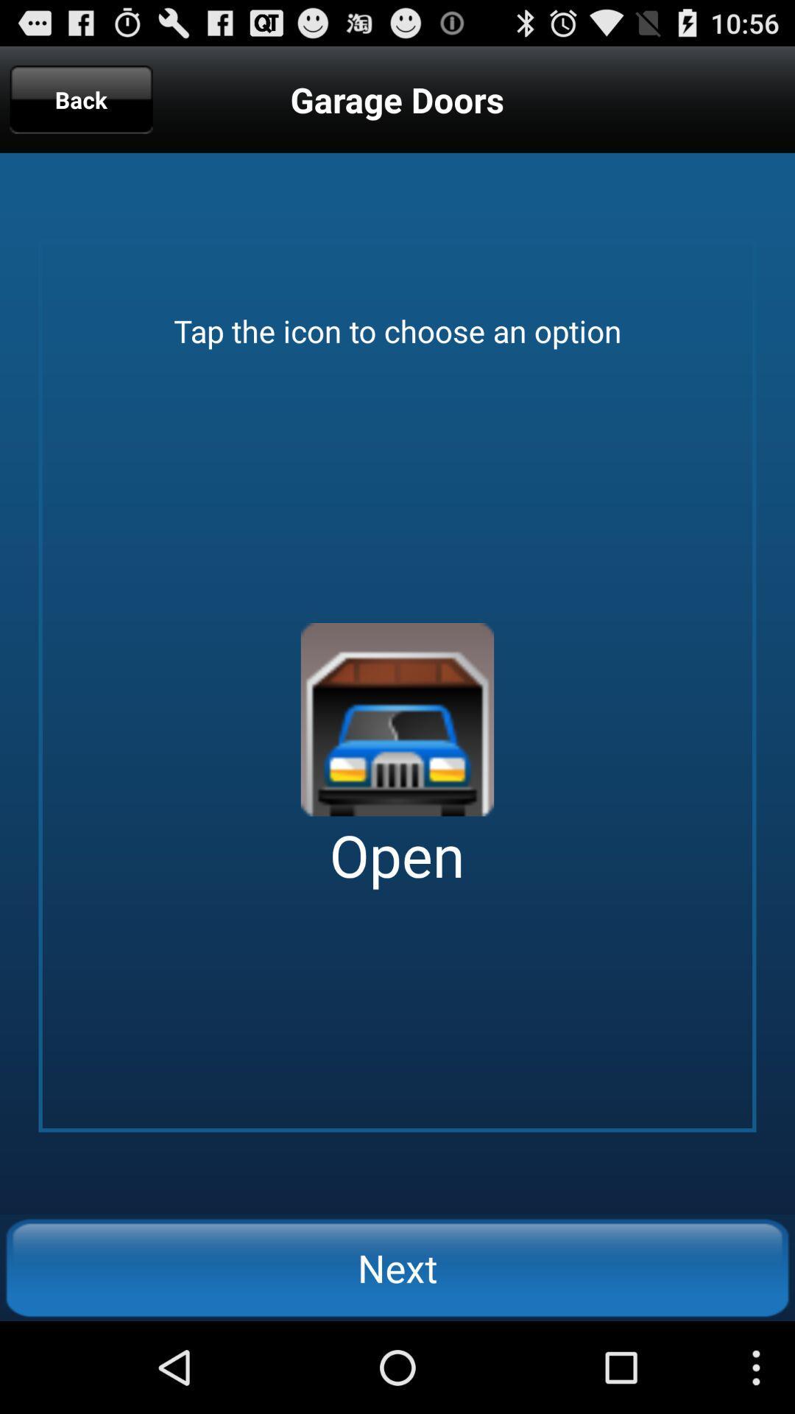 The width and height of the screenshot is (795, 1414). What do you see at coordinates (397, 1267) in the screenshot?
I see `the next icon` at bounding box center [397, 1267].